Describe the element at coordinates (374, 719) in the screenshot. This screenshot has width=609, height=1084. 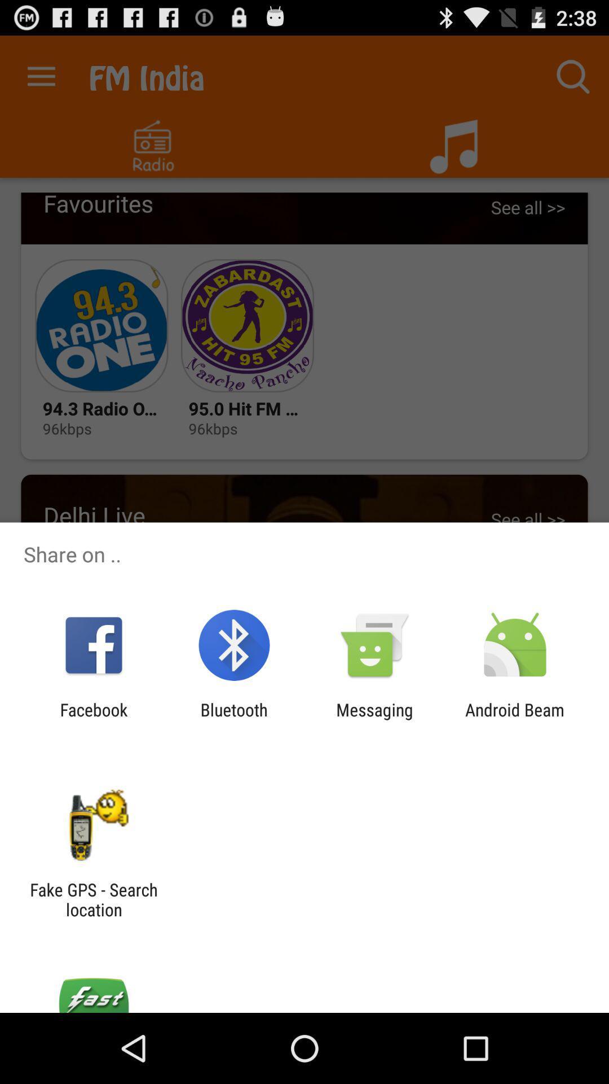
I see `messaging app` at that location.